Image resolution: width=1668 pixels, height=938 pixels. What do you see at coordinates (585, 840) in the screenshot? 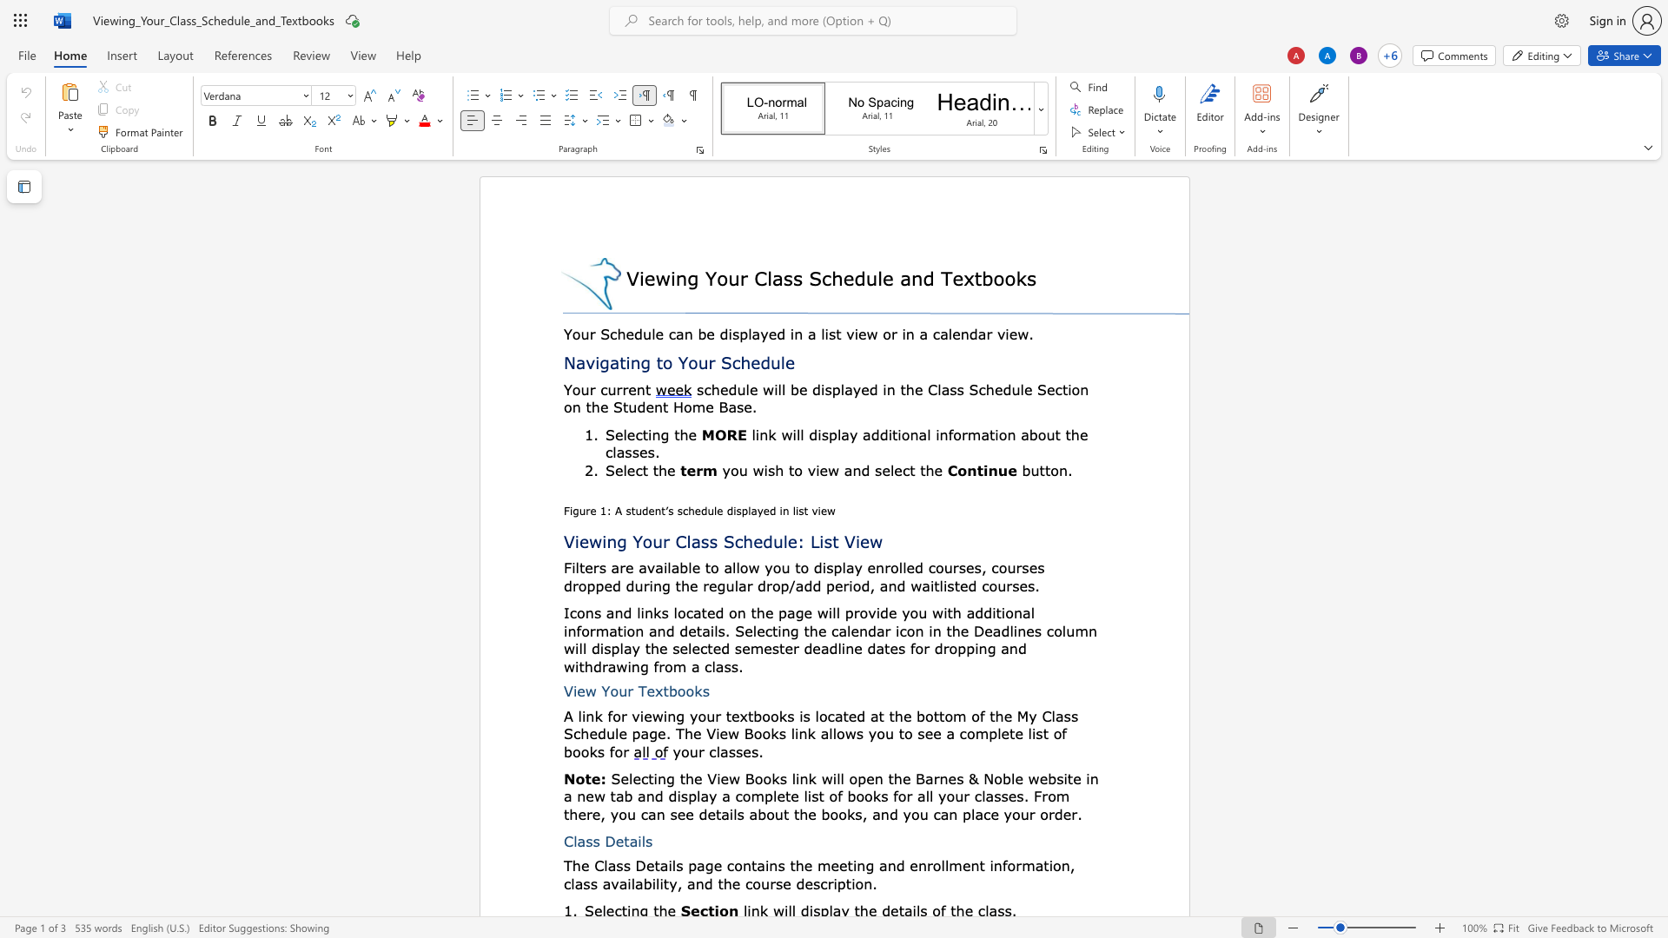
I see `the space between the continuous character "a" and "s" in the text` at bounding box center [585, 840].